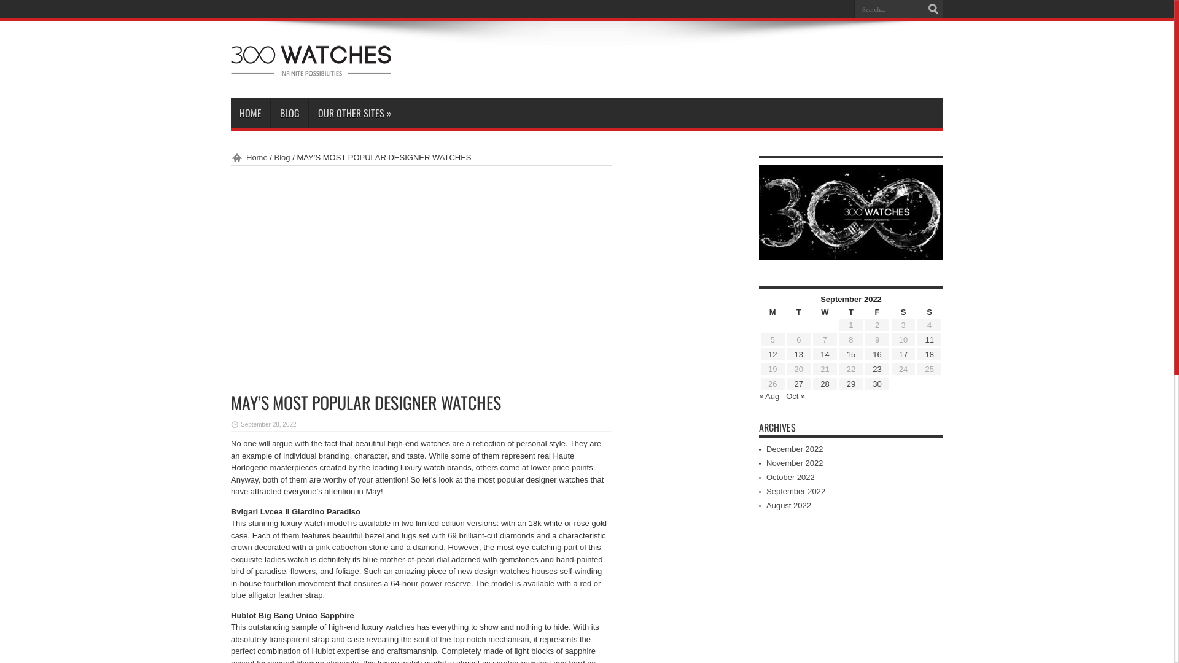 The image size is (1179, 663). Describe the element at coordinates (311, 66) in the screenshot. I see `'300Watches'` at that location.